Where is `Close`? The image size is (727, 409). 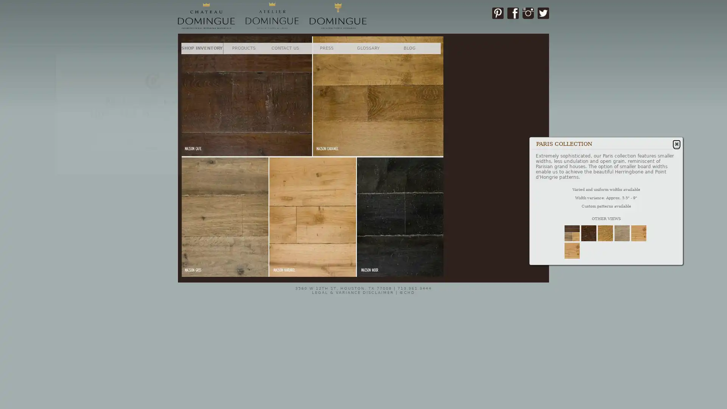 Close is located at coordinates (240, 58).